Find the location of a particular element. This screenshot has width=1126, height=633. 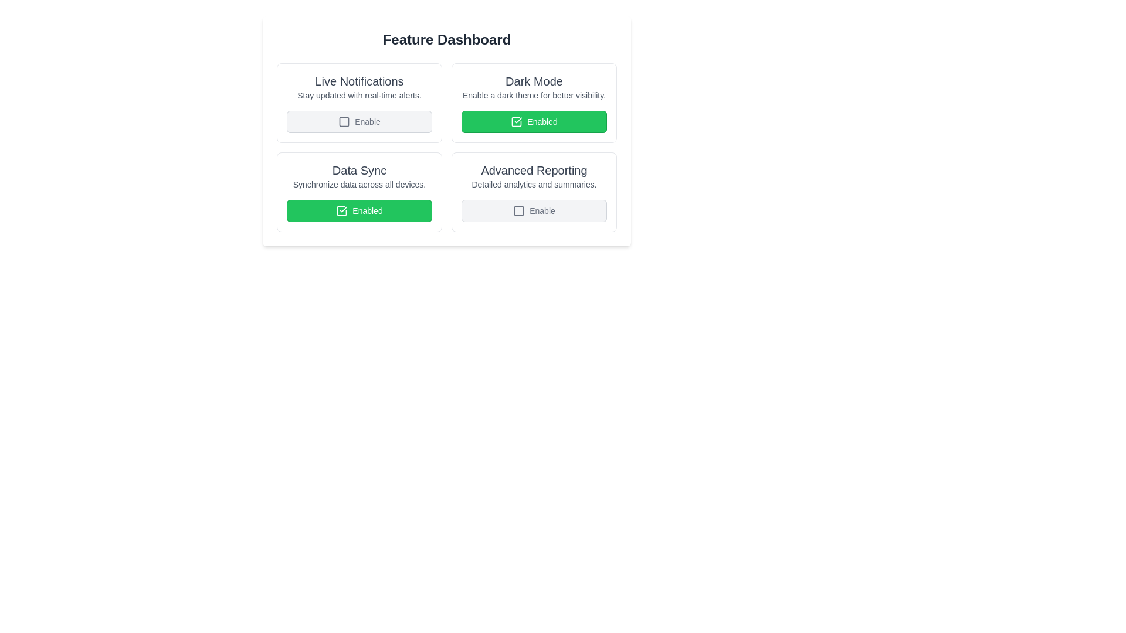

the 'Advanced Reporting' text label, which is styled in bold and dark gray, located in the bottom-right quadrant of the feature dashboard interface is located at coordinates (534, 170).